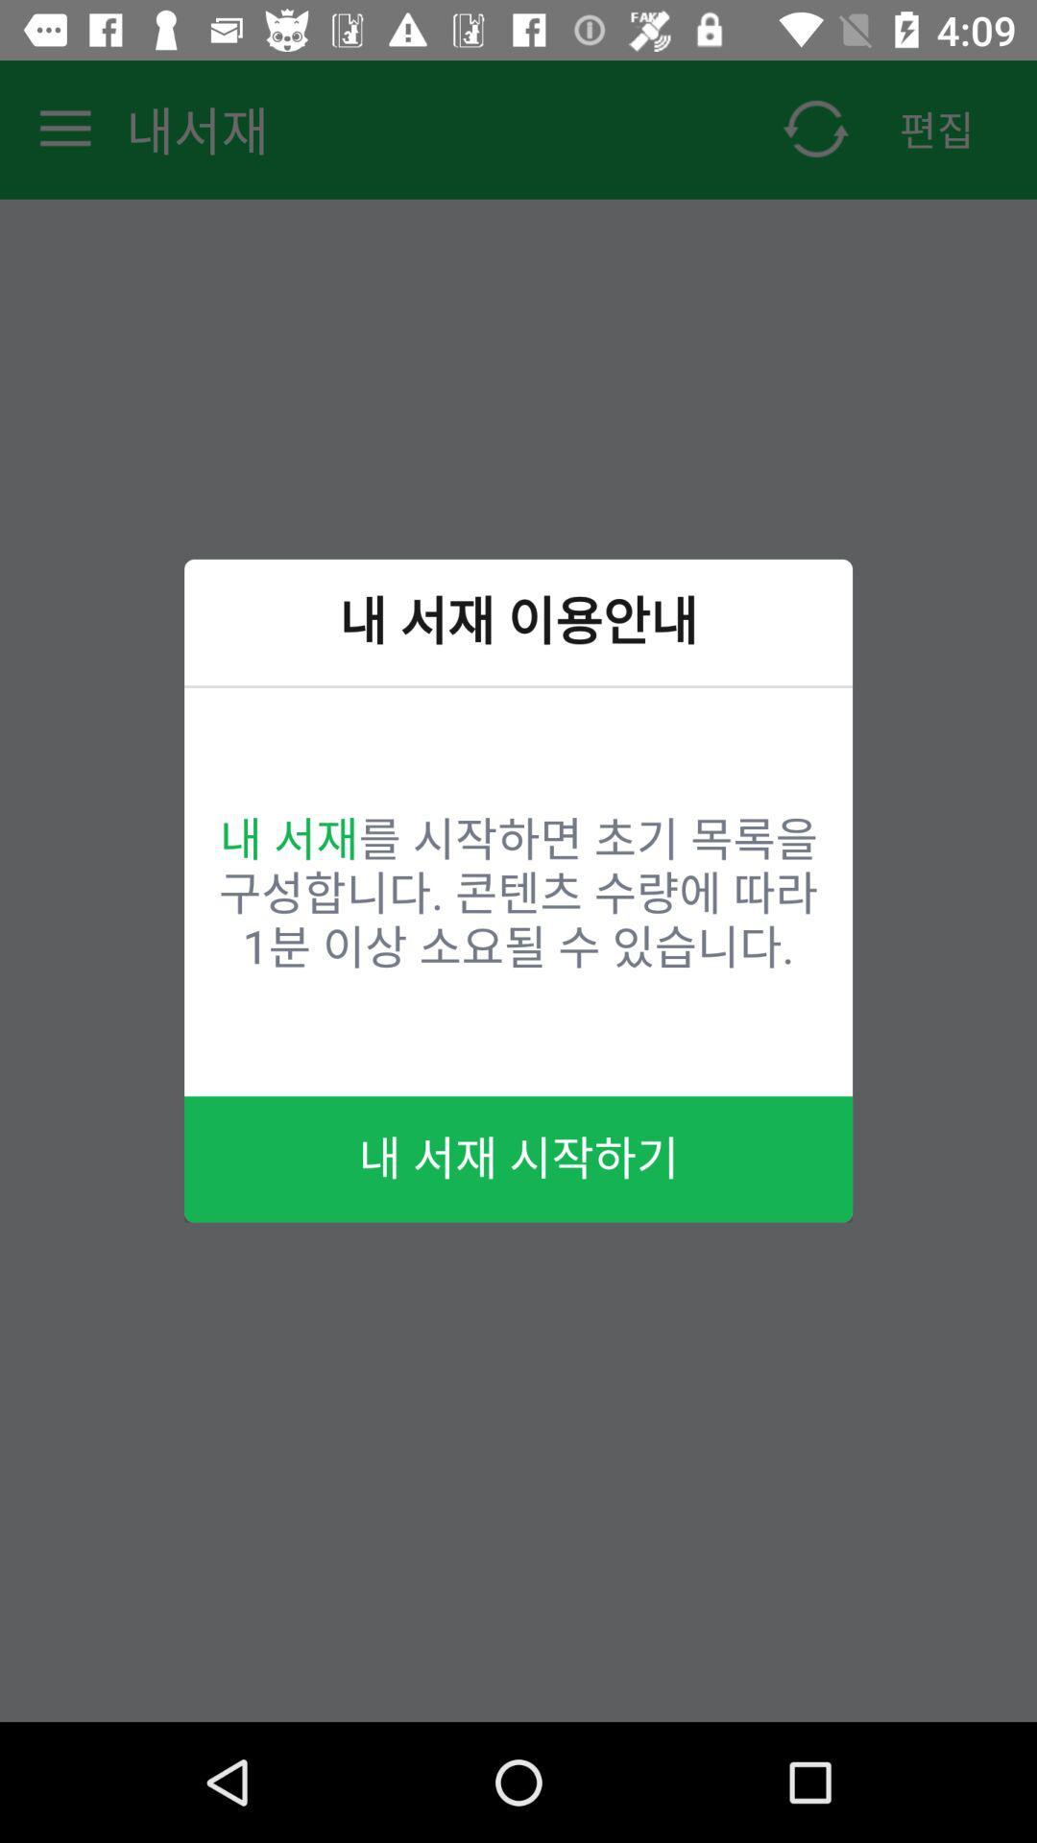 Image resolution: width=1037 pixels, height=1843 pixels. What do you see at coordinates (64, 128) in the screenshot?
I see `the menu icon` at bounding box center [64, 128].